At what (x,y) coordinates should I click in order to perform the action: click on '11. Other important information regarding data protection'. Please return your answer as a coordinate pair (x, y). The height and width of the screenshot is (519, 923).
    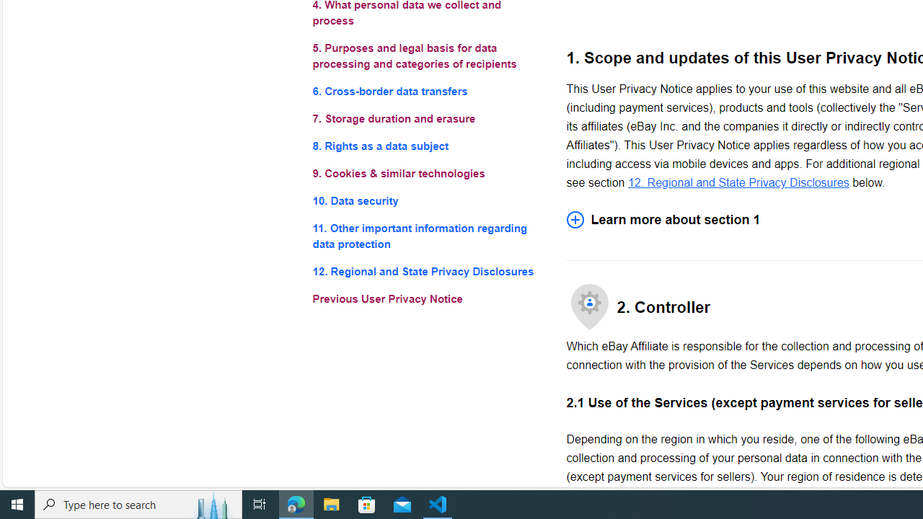
    Looking at the image, I should click on (427, 236).